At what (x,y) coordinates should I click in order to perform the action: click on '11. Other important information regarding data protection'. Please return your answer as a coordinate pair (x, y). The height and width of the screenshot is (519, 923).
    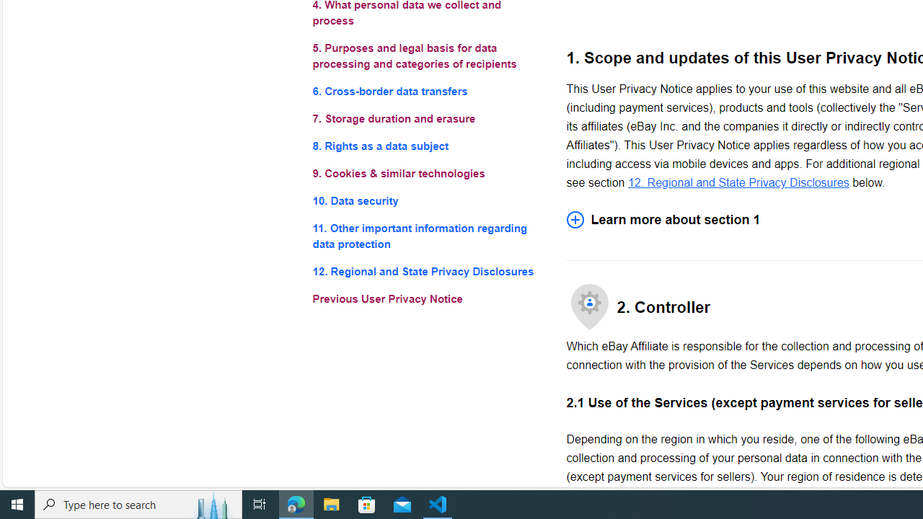
    Looking at the image, I should click on (427, 236).